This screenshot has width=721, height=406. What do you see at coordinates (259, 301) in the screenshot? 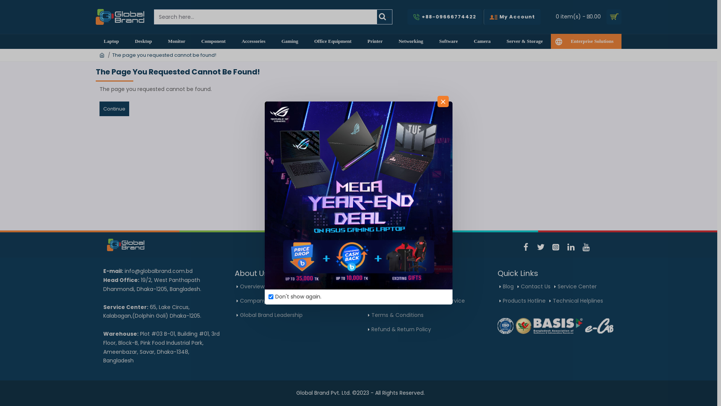
I see `'Company Policy'` at bounding box center [259, 301].